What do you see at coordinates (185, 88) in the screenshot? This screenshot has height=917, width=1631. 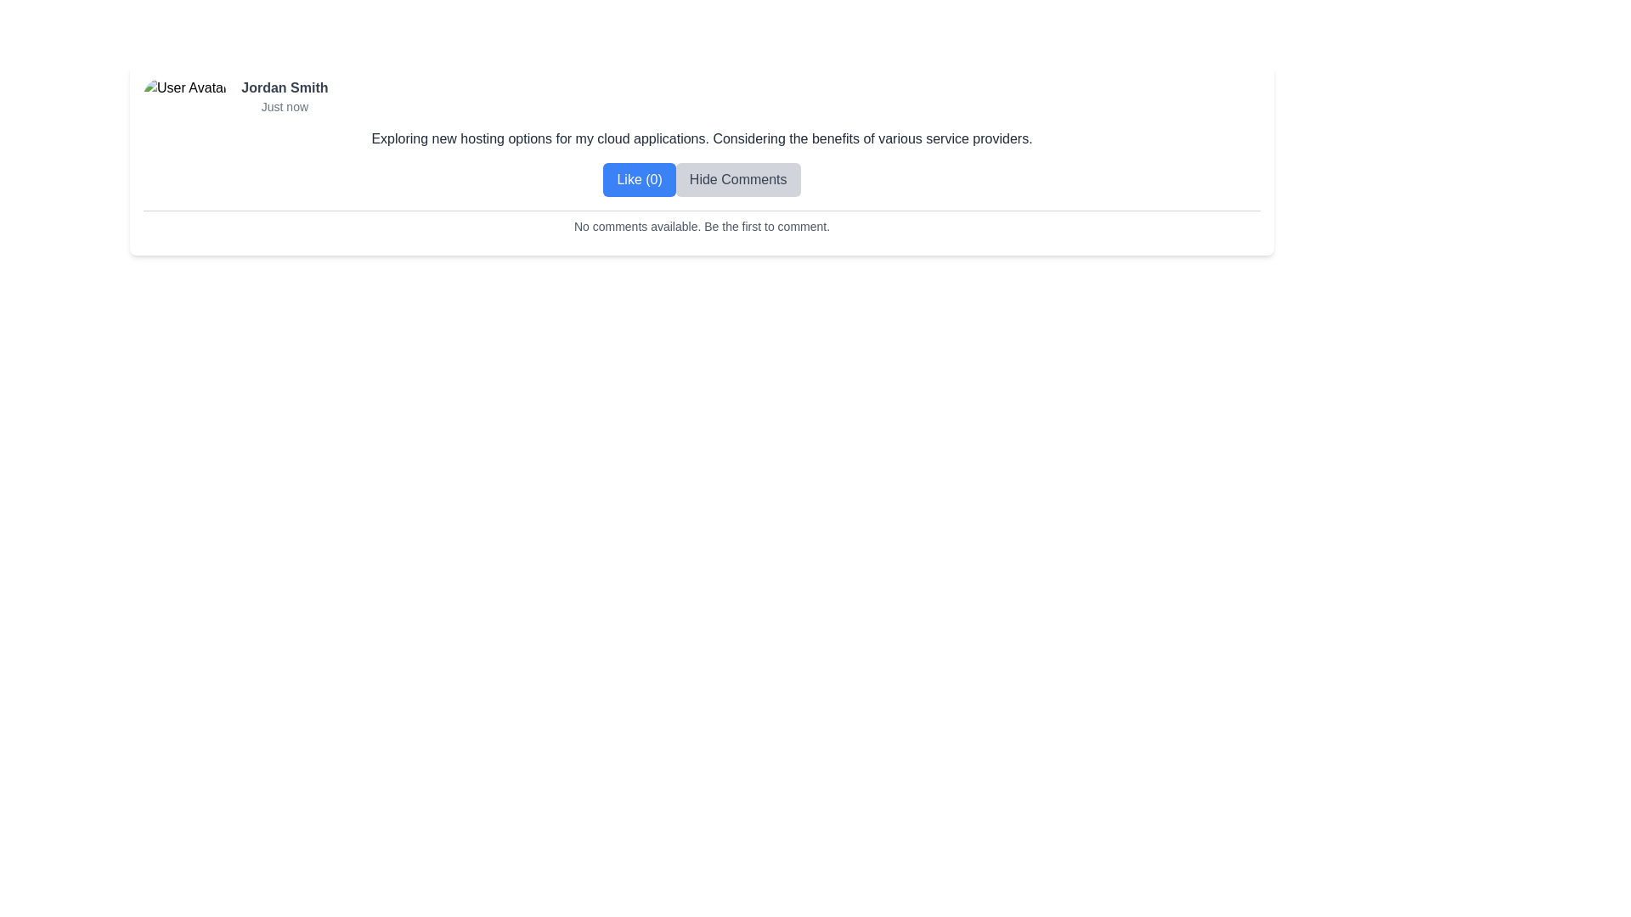 I see `the circular user avatar image that has the alt text 'User Avatar', located to the left of the text element displaying 'Jordan Smith'` at bounding box center [185, 88].